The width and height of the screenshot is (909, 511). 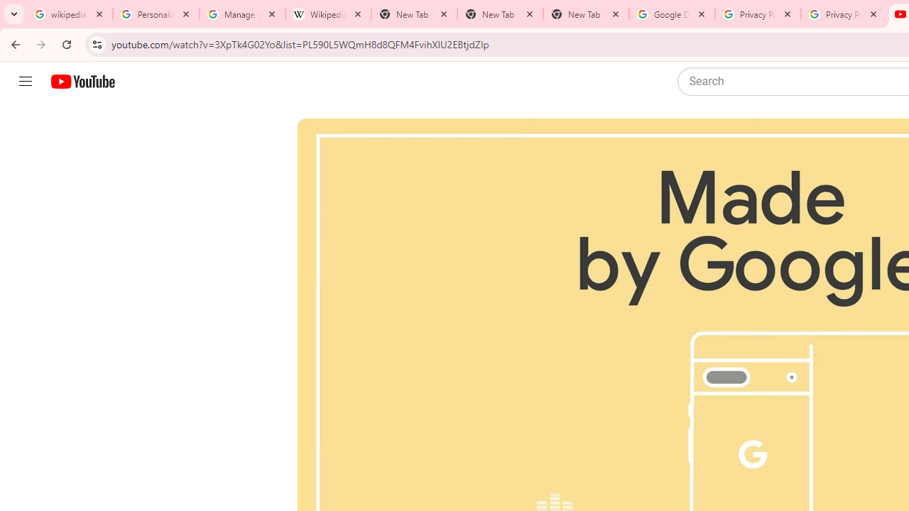 What do you see at coordinates (25, 82) in the screenshot?
I see `'Guide'` at bounding box center [25, 82].